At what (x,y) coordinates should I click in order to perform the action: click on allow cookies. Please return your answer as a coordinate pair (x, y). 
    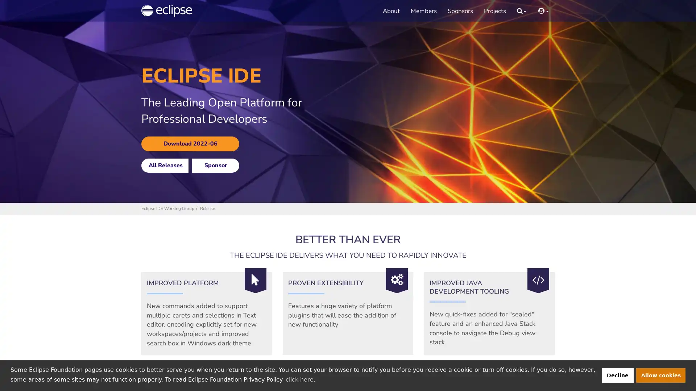
    Looking at the image, I should click on (661, 375).